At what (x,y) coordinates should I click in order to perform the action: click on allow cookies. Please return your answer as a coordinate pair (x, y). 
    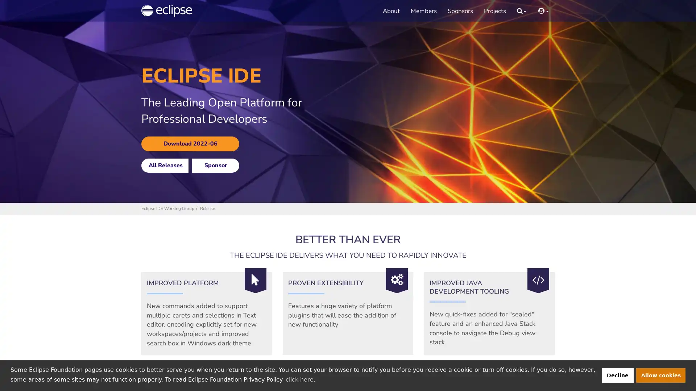
    Looking at the image, I should click on (661, 375).